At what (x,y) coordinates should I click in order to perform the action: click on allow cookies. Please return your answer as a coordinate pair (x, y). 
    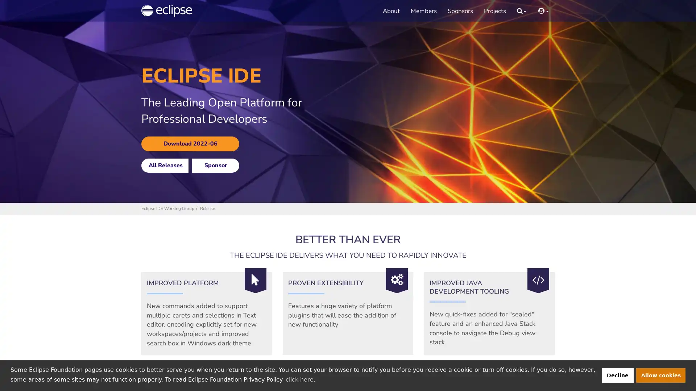
    Looking at the image, I should click on (661, 375).